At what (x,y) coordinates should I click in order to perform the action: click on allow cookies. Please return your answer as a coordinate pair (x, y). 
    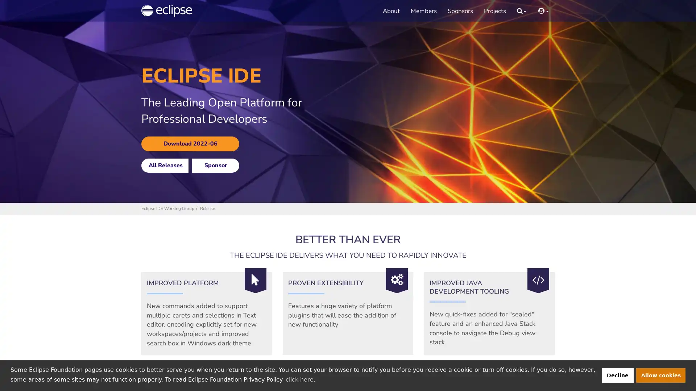
    Looking at the image, I should click on (661, 375).